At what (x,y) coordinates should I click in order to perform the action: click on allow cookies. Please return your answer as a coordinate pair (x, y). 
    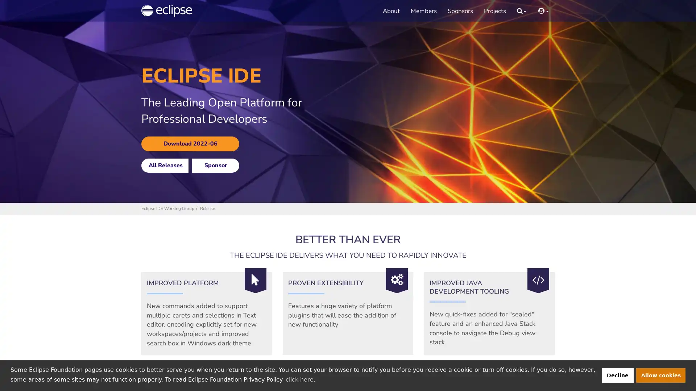
    Looking at the image, I should click on (661, 375).